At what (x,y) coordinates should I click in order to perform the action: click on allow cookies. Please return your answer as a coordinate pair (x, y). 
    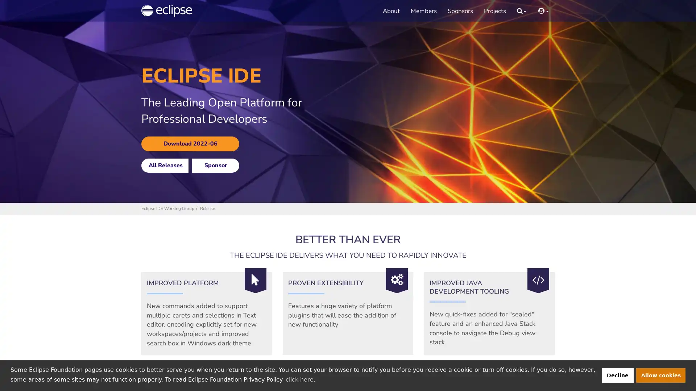
    Looking at the image, I should click on (661, 375).